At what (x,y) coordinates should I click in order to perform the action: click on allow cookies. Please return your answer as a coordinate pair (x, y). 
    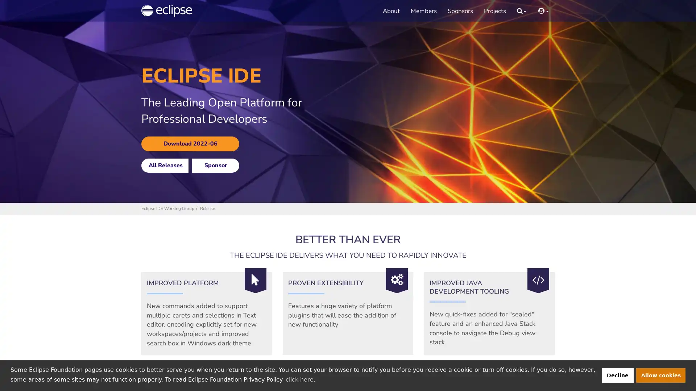
    Looking at the image, I should click on (661, 375).